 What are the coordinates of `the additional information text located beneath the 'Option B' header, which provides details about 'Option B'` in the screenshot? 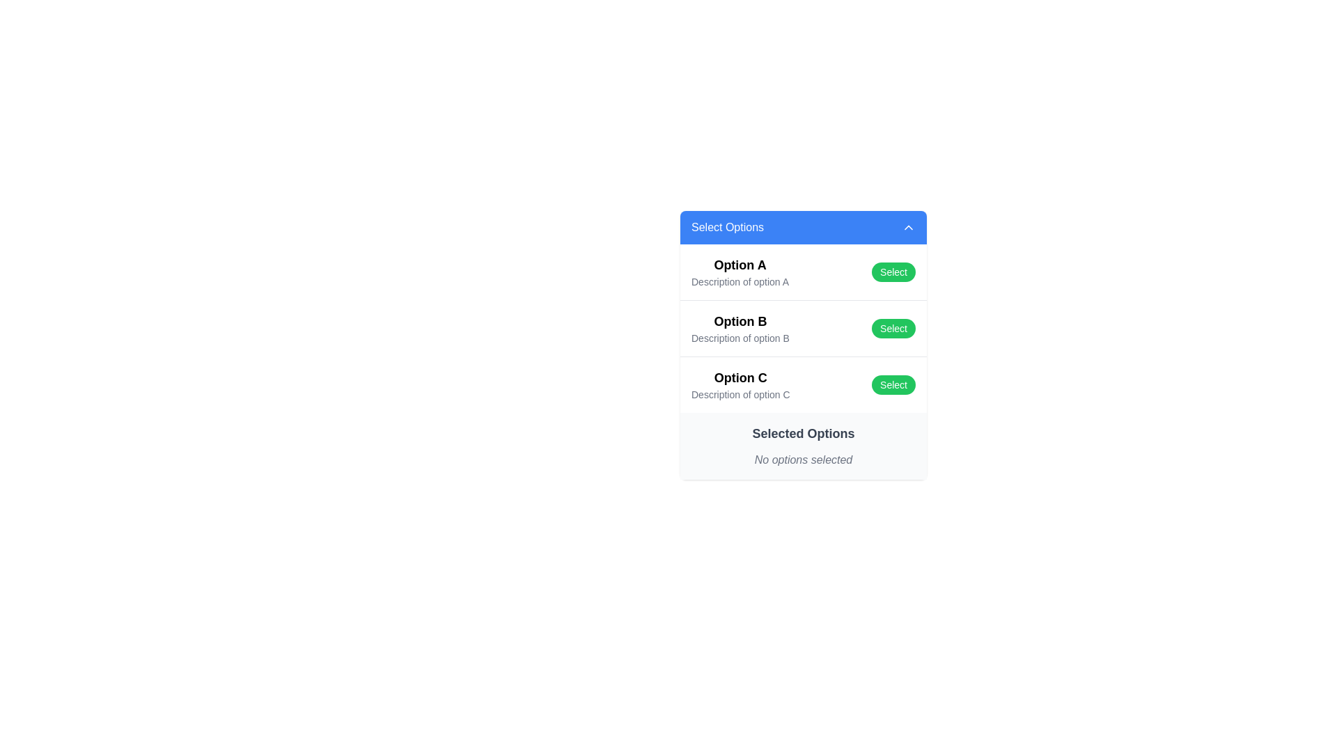 It's located at (740, 338).